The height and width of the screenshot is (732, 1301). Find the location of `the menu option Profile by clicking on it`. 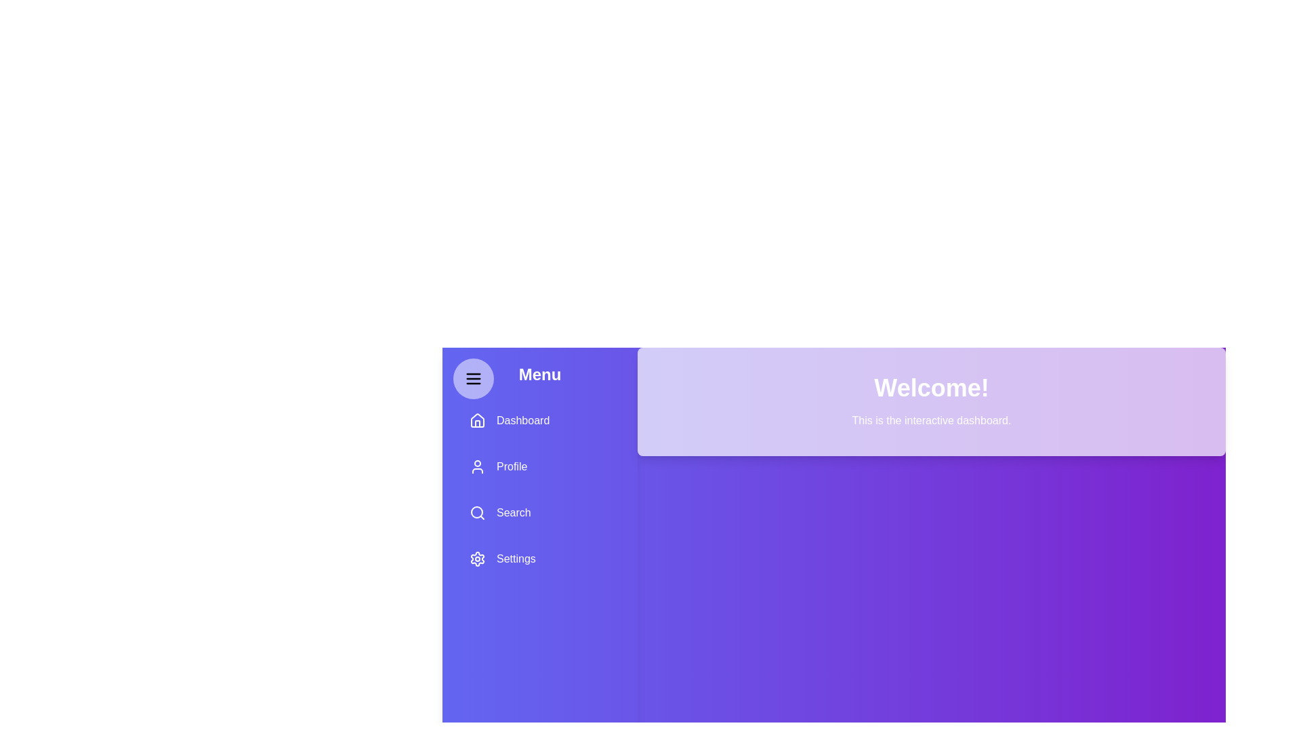

the menu option Profile by clicking on it is located at coordinates (539, 466).